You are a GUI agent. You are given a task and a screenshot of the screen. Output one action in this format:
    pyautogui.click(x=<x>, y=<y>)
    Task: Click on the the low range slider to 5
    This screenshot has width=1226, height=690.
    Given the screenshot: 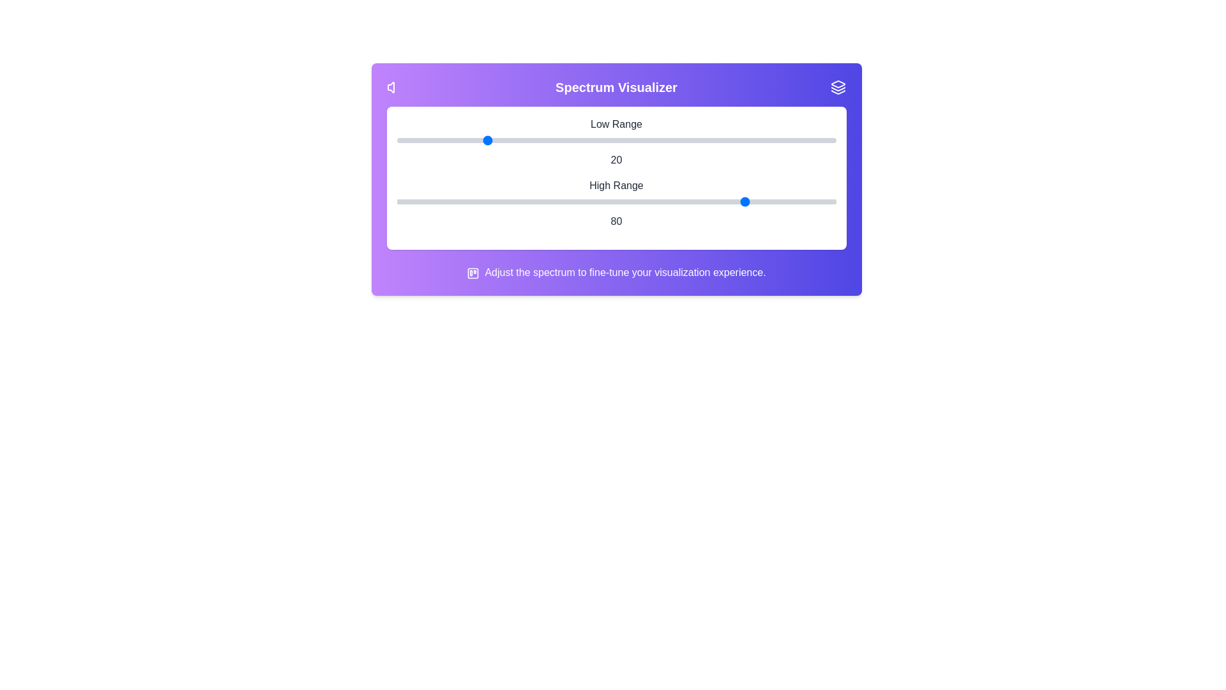 What is the action you would take?
    pyautogui.click(x=418, y=140)
    